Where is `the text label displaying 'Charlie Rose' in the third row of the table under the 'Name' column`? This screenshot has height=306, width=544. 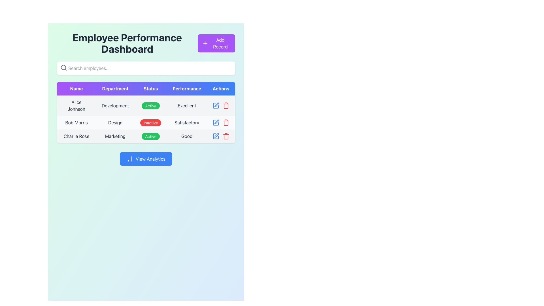 the text label displaying 'Charlie Rose' in the third row of the table under the 'Name' column is located at coordinates (76, 136).